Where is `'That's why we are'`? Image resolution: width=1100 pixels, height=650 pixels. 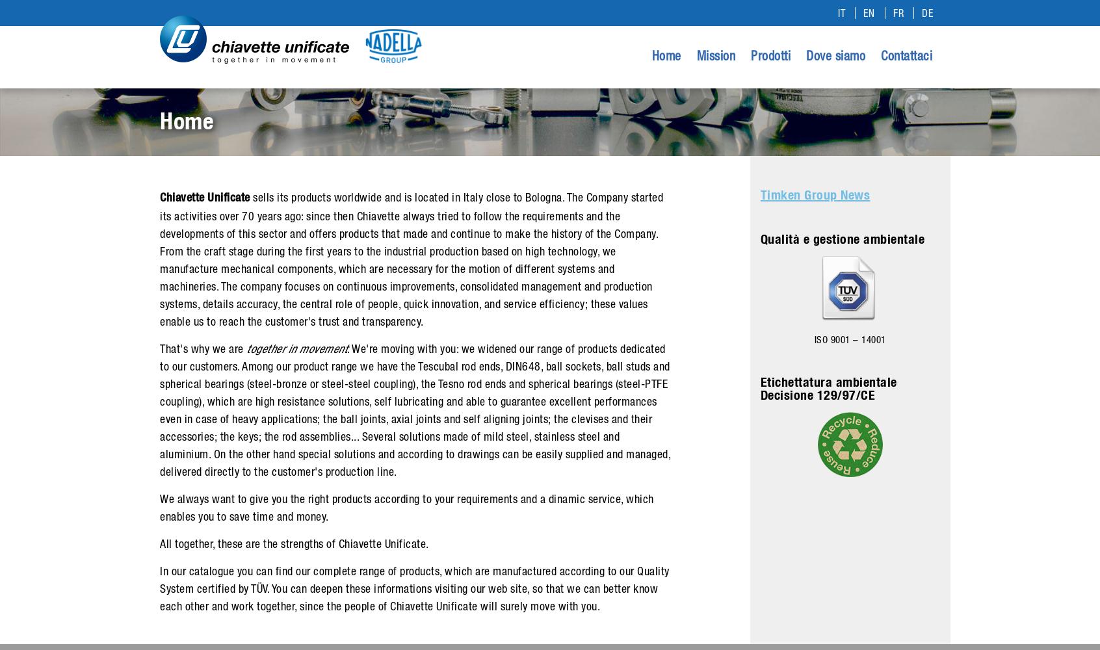 'That's why we are' is located at coordinates (160, 348).